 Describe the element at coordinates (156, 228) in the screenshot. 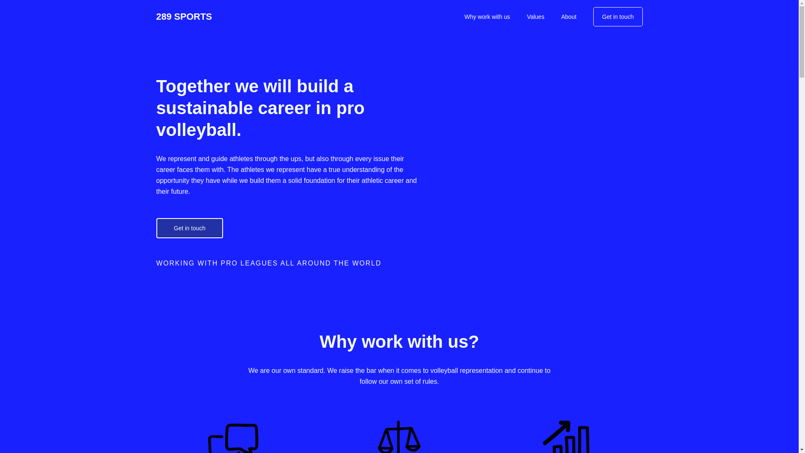

I see `'Get in touch'` at that location.